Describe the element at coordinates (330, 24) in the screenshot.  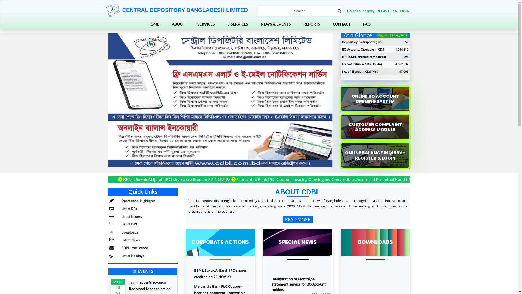
I see `'CONTACT'` at that location.